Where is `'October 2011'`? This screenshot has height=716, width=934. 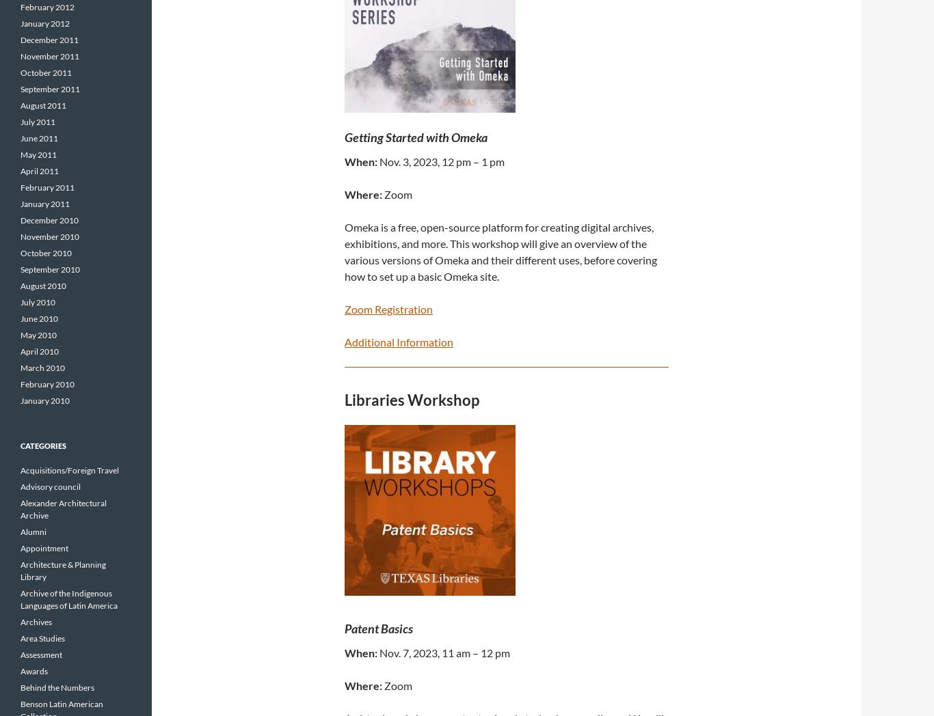 'October 2011' is located at coordinates (46, 72).